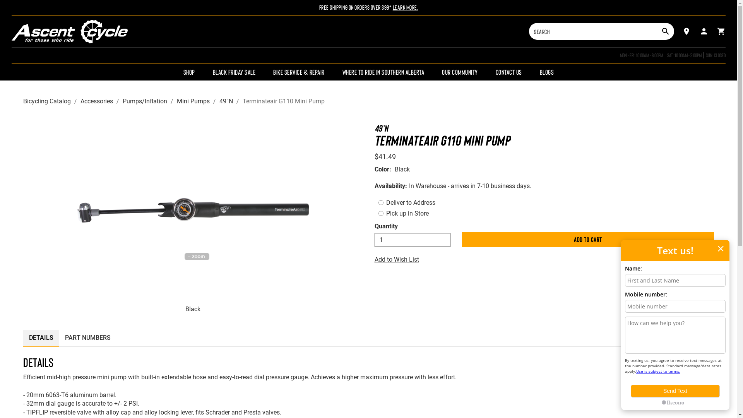 The image size is (743, 418). Describe the element at coordinates (368, 7) in the screenshot. I see `'Free Shipping On Orders Over $99* Learn More.'` at that location.